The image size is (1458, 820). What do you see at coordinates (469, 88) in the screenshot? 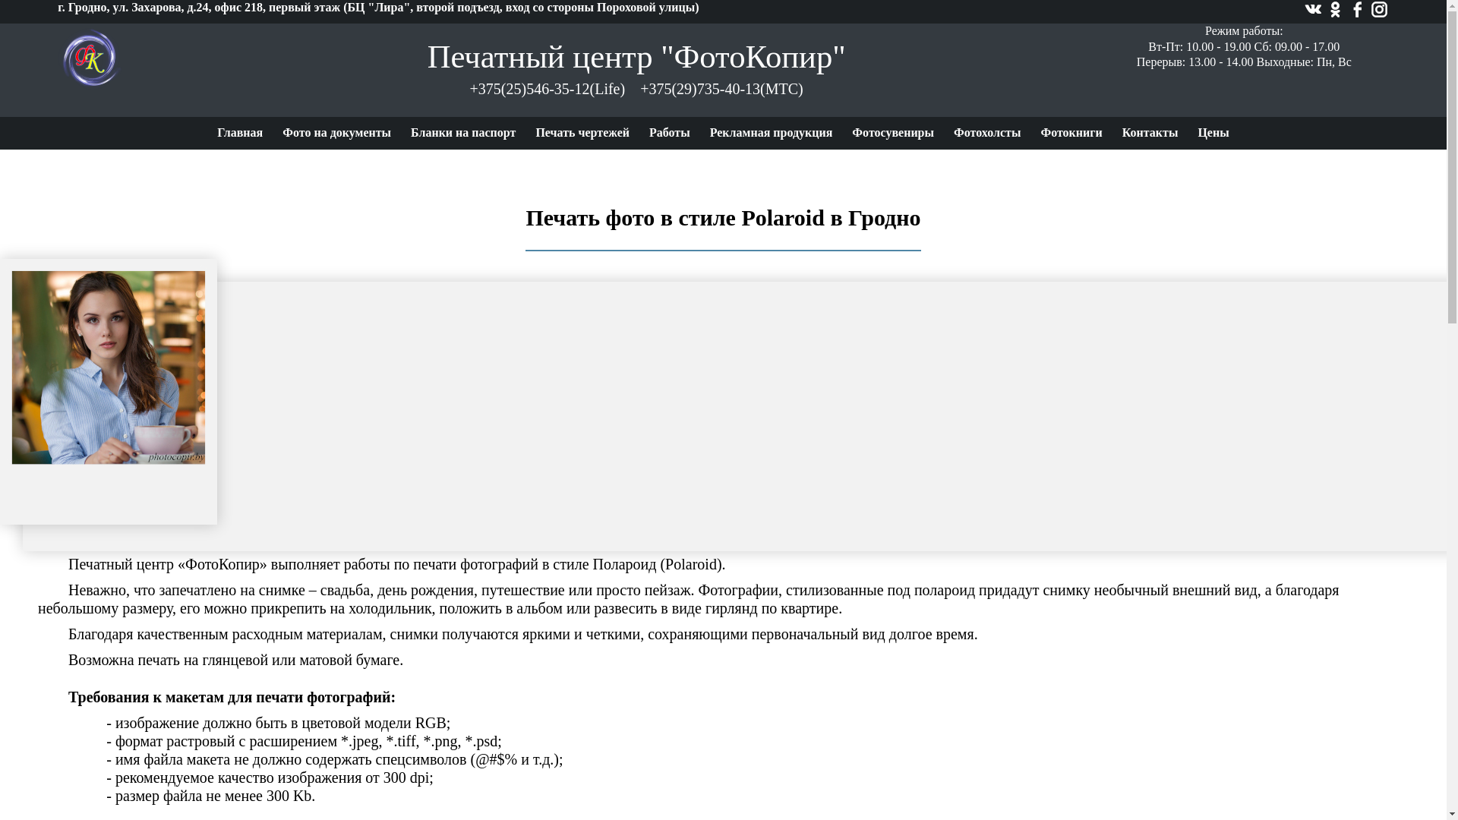
I see `'+375(25)546-35-12(Life)'` at bounding box center [469, 88].